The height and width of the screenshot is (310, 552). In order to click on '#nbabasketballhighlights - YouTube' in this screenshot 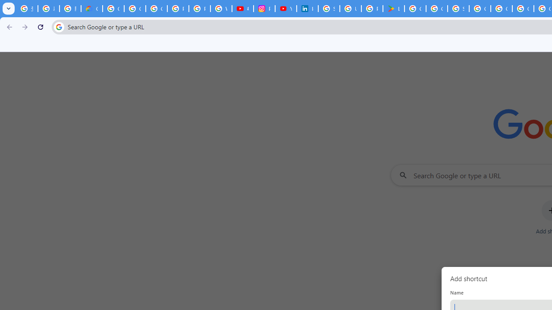, I will do `click(242, 9)`.